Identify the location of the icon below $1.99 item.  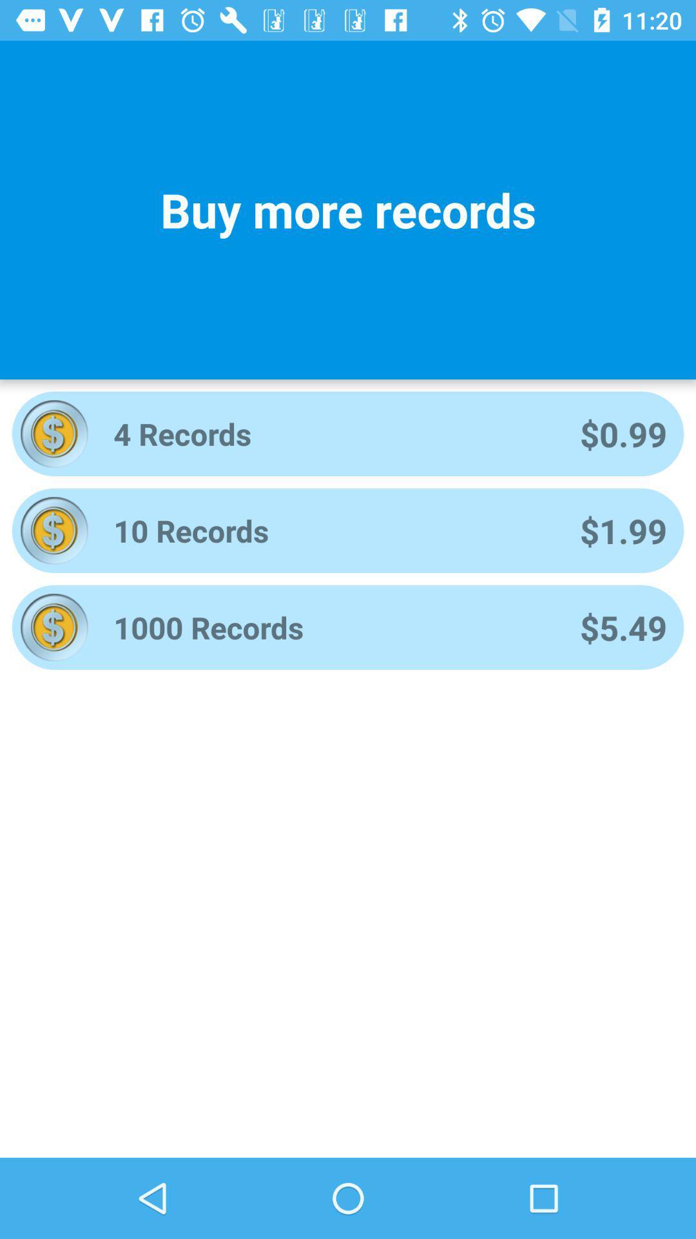
(623, 627).